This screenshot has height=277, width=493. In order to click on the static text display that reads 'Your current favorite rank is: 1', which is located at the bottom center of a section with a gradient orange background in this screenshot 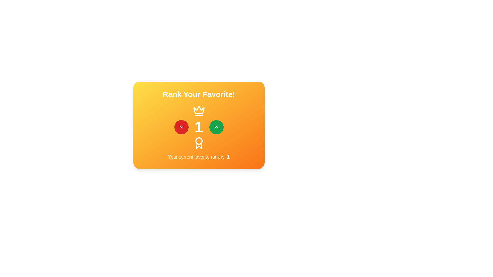, I will do `click(198, 157)`.